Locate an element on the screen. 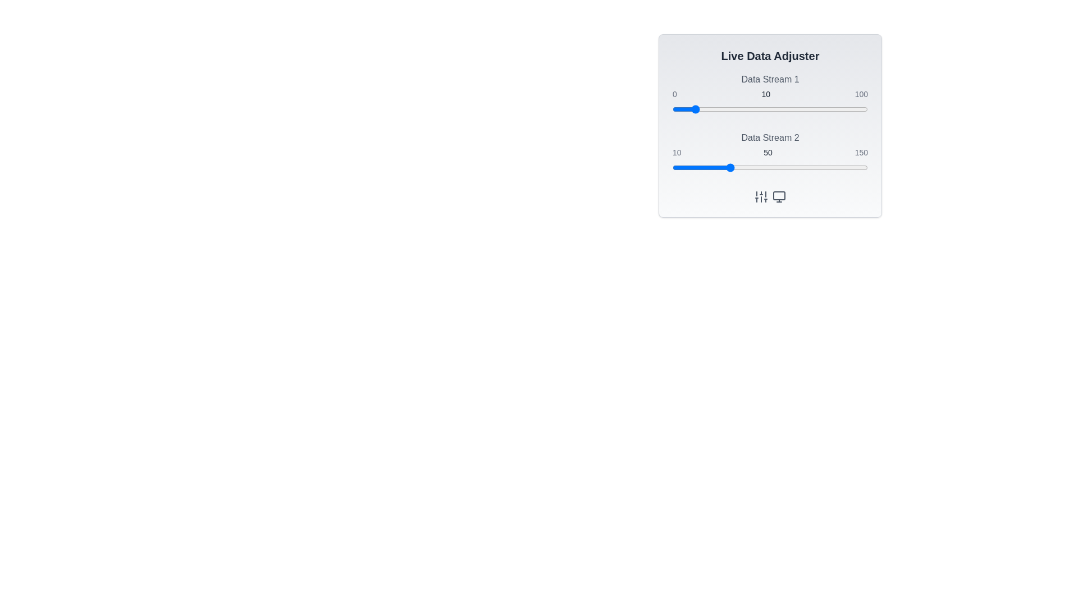 This screenshot has width=1078, height=606. the numerical labels of the Label Set located below the 'Data Stream 1' heading and preceding the slider component is located at coordinates (770, 94).